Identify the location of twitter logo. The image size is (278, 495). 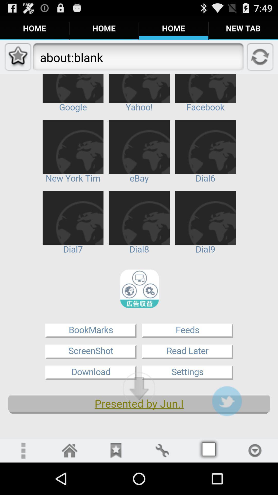
(227, 401).